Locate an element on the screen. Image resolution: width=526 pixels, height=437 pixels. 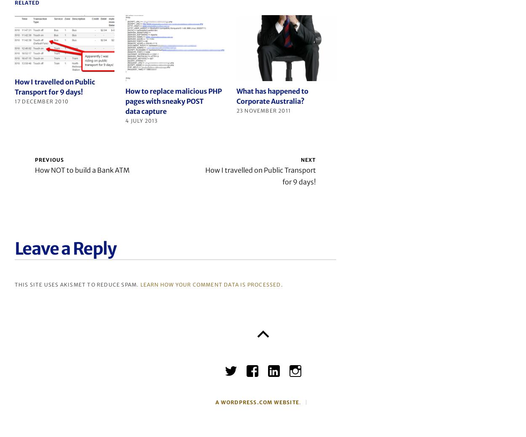
'How I travelled on Public Transport for 9 days!' is located at coordinates (54, 87).